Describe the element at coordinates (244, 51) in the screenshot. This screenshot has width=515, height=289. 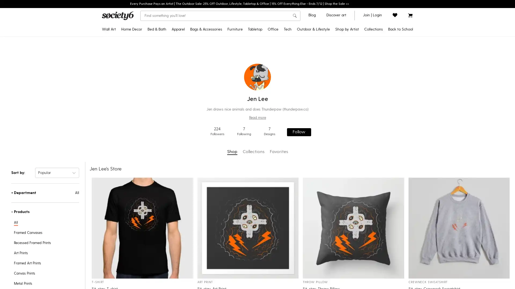
I see `Benches` at that location.